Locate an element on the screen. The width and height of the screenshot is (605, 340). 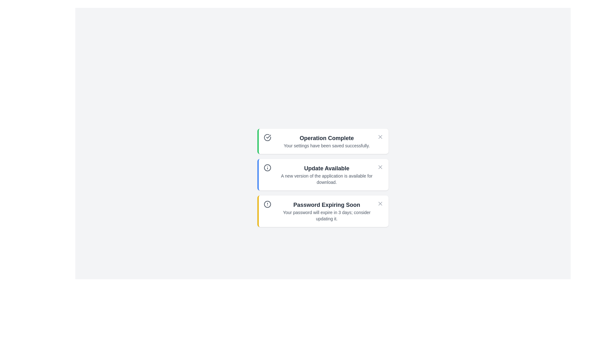
the circular informational icon located at the leftmost part of the 'Update Available' notification box is located at coordinates (268, 167).